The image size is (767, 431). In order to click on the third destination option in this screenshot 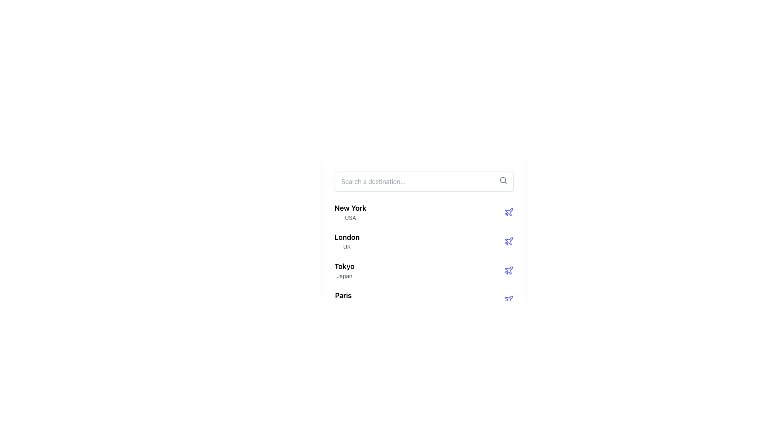, I will do `click(423, 257)`.